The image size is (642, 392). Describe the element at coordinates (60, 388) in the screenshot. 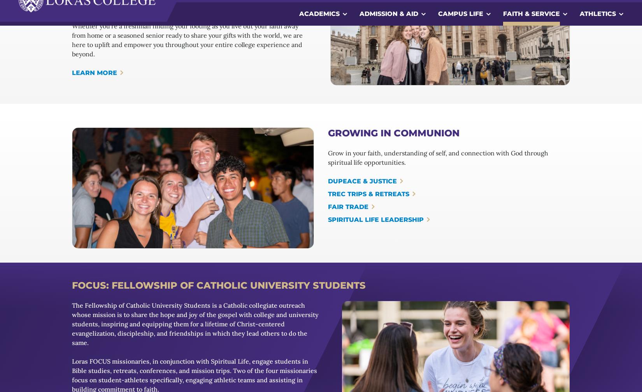

I see `'Campus Portal'` at that location.